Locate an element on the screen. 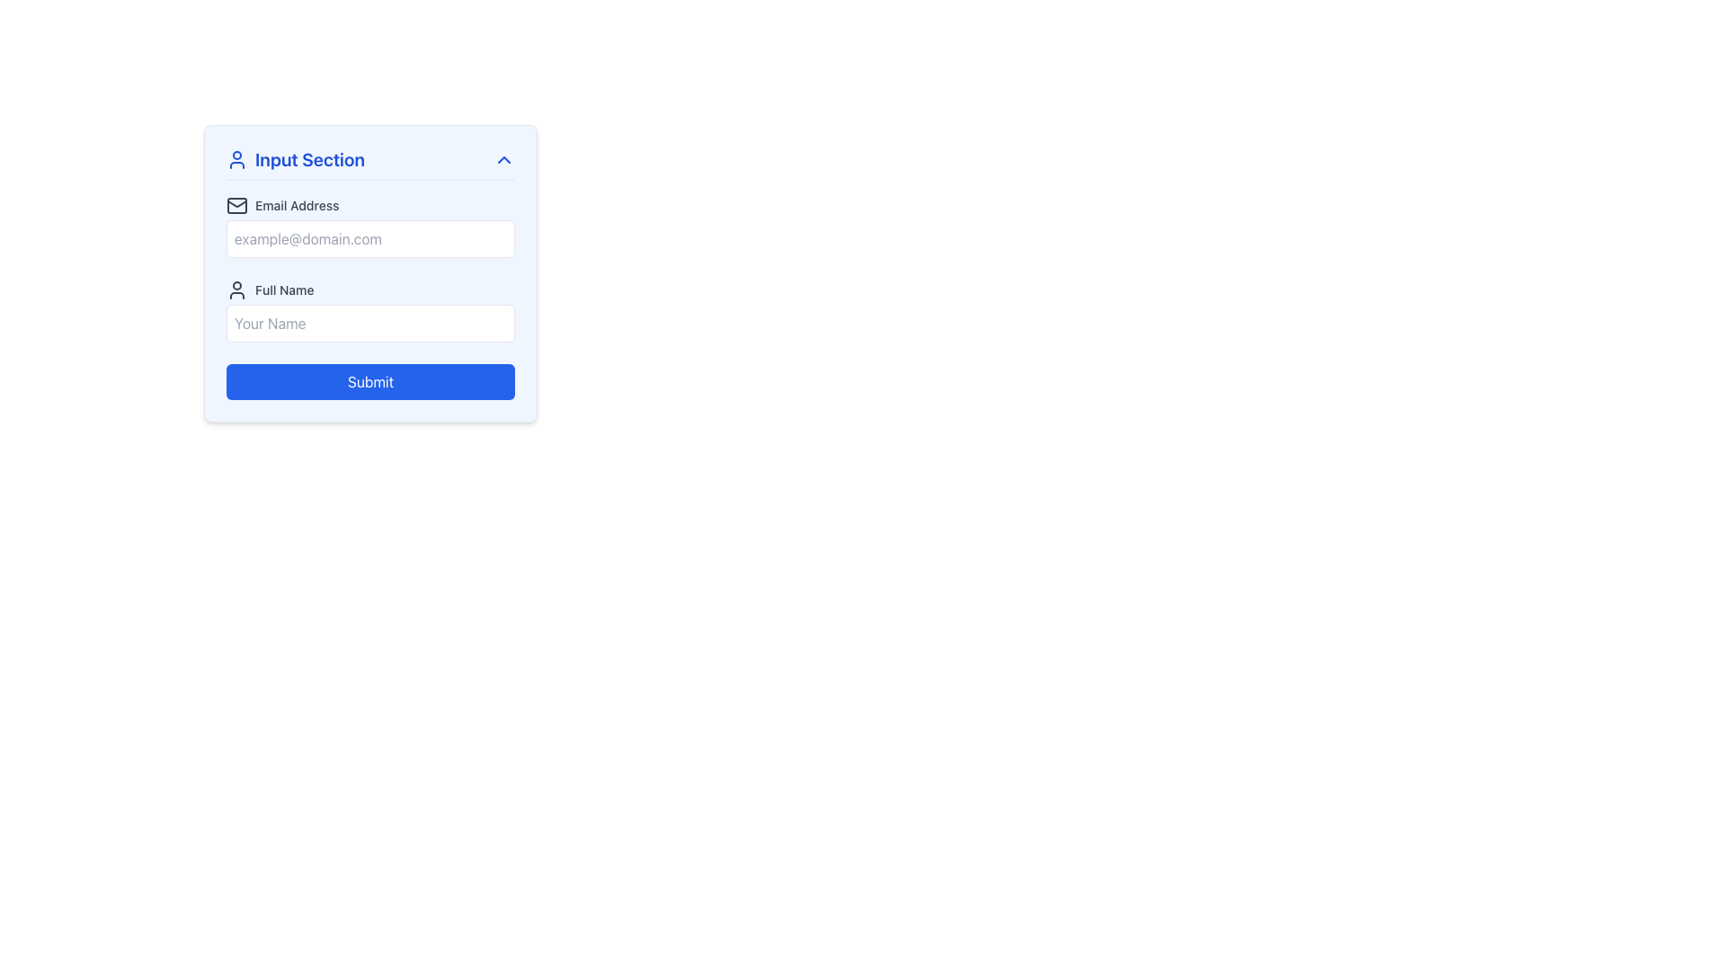  the input field for full name, located below the 'Email Address' field in the 'Input Section' is located at coordinates (369, 310).